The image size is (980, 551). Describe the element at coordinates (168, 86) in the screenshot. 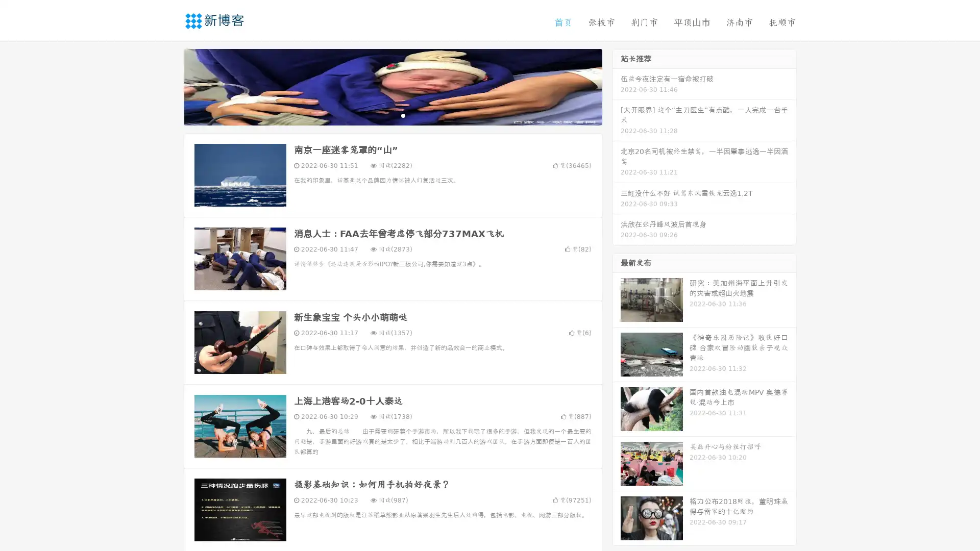

I see `Previous slide` at that location.